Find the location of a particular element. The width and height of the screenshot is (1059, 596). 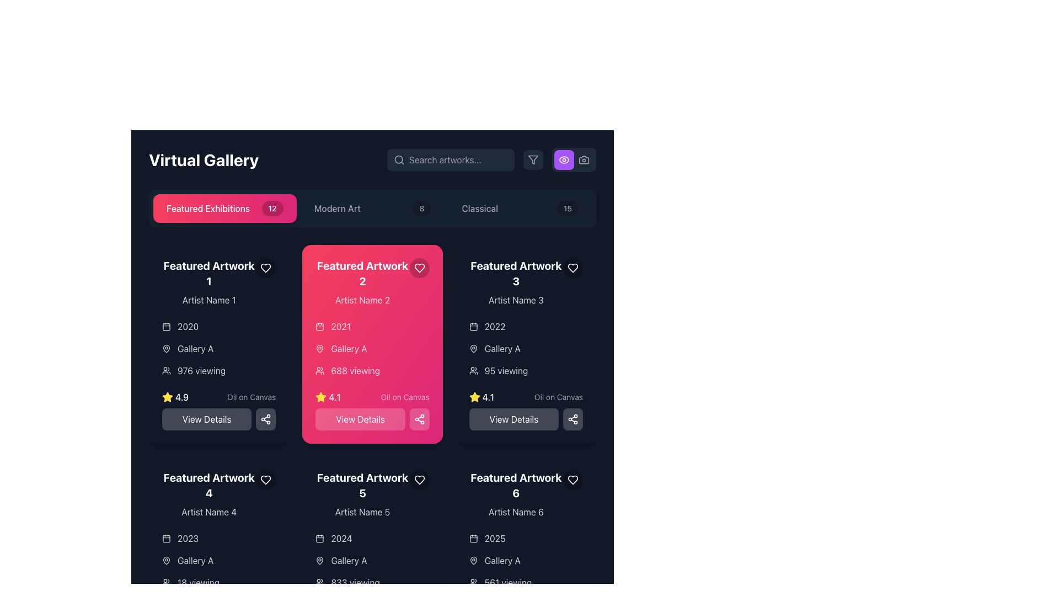

information displayed in the text label that shows '18 viewing' with an accompanying icon of a group of people, located in the fourth artwork section under 'Featured Artwork.' is located at coordinates (219, 582).